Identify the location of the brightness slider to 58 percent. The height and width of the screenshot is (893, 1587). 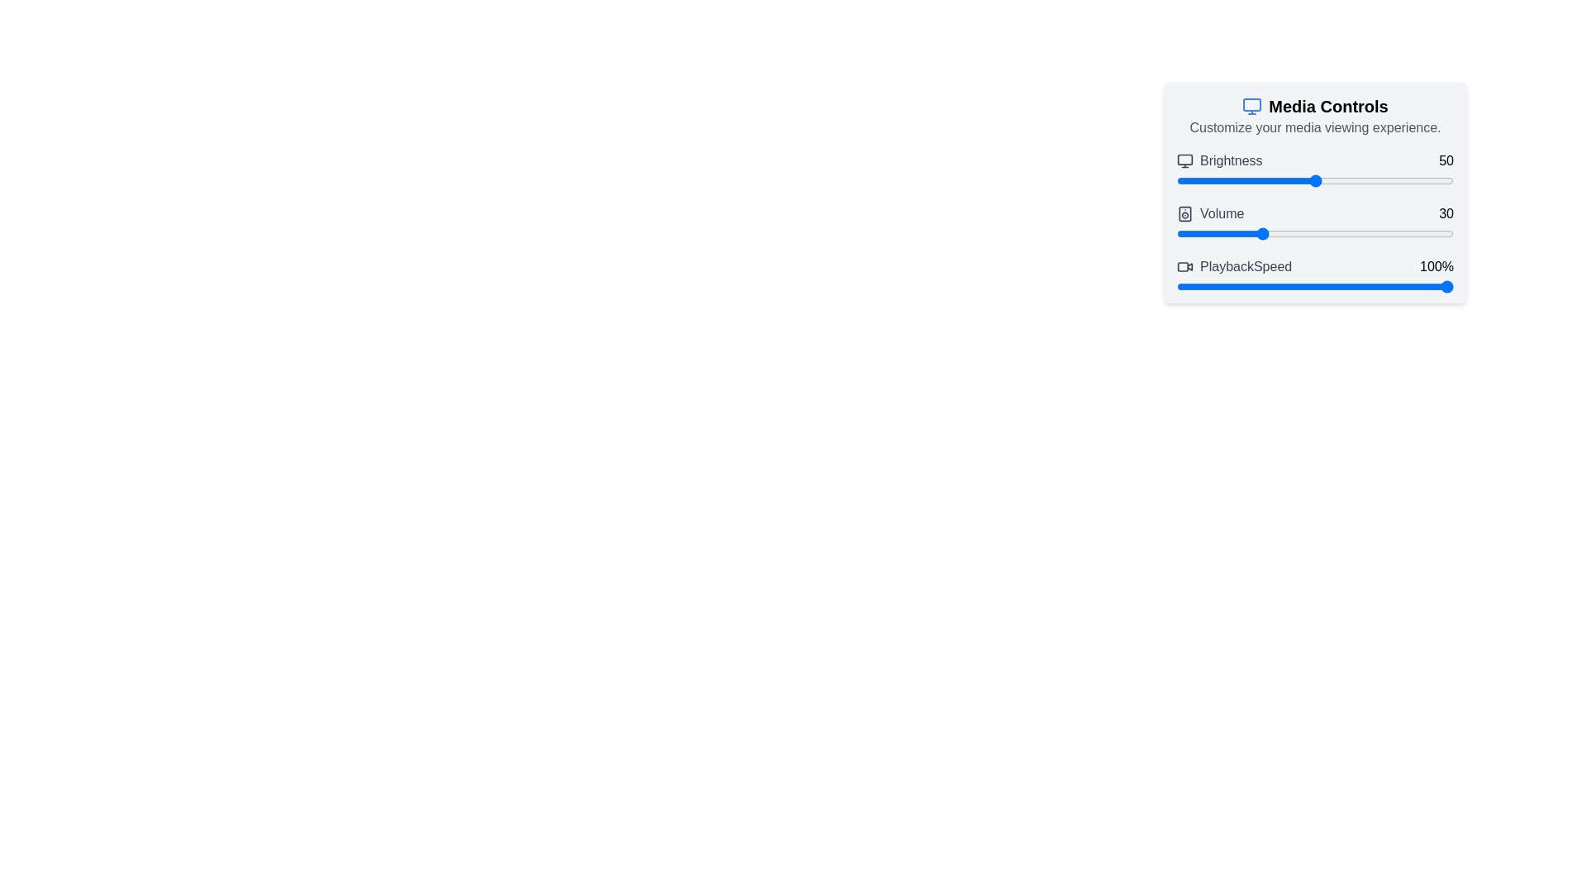
(1337, 181).